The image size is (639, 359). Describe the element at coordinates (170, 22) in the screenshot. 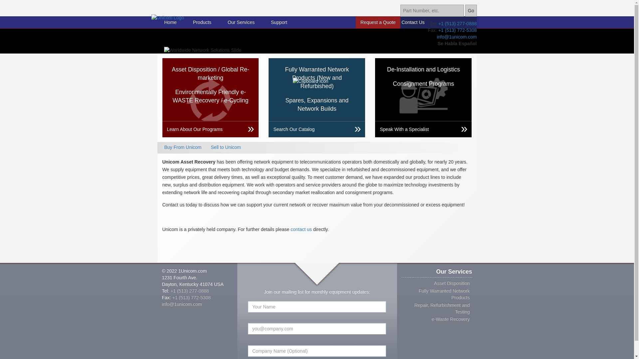

I see `'Home'` at that location.